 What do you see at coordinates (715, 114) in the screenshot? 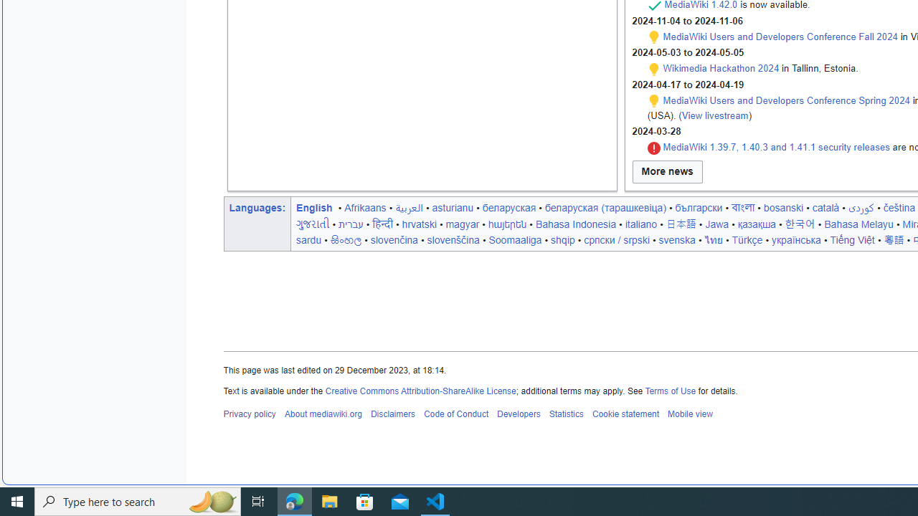
I see `'View livestream'` at bounding box center [715, 114].